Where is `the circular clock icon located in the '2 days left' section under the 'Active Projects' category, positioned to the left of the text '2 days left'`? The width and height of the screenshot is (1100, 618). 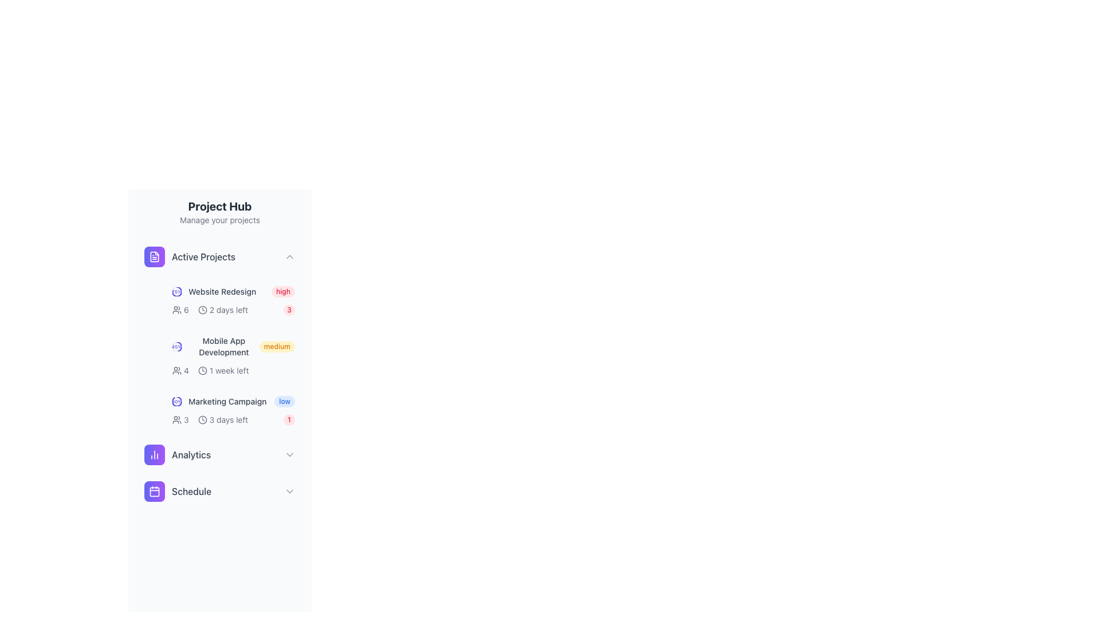
the circular clock icon located in the '2 days left' section under the 'Active Projects' category, positioned to the left of the text '2 days left' is located at coordinates (202, 310).